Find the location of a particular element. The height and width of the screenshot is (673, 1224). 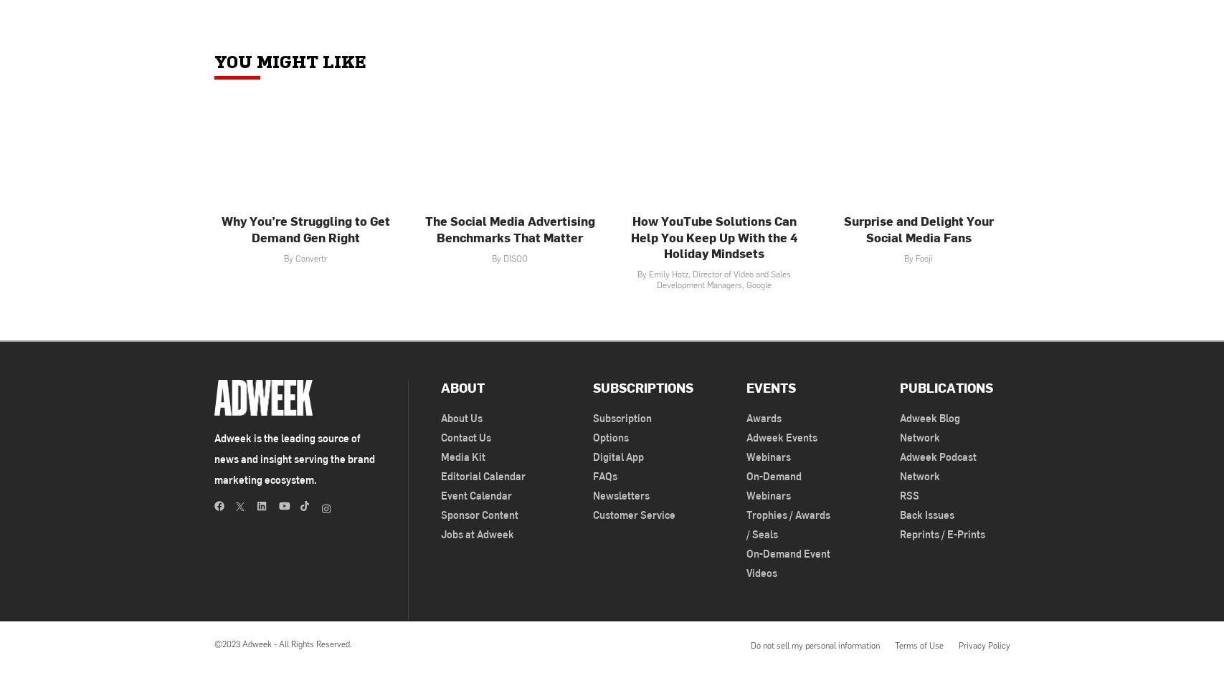

'Awards' is located at coordinates (763, 417).